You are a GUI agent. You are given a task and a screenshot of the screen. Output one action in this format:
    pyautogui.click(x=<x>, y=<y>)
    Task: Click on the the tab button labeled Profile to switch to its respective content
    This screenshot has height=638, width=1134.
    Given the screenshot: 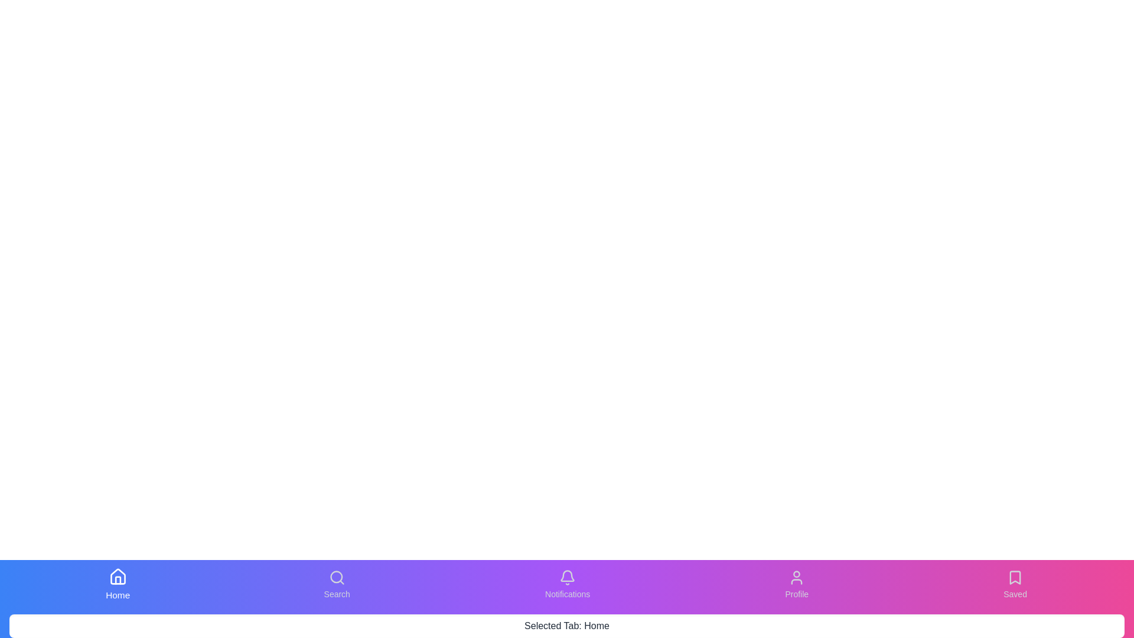 What is the action you would take?
    pyautogui.click(x=797, y=585)
    